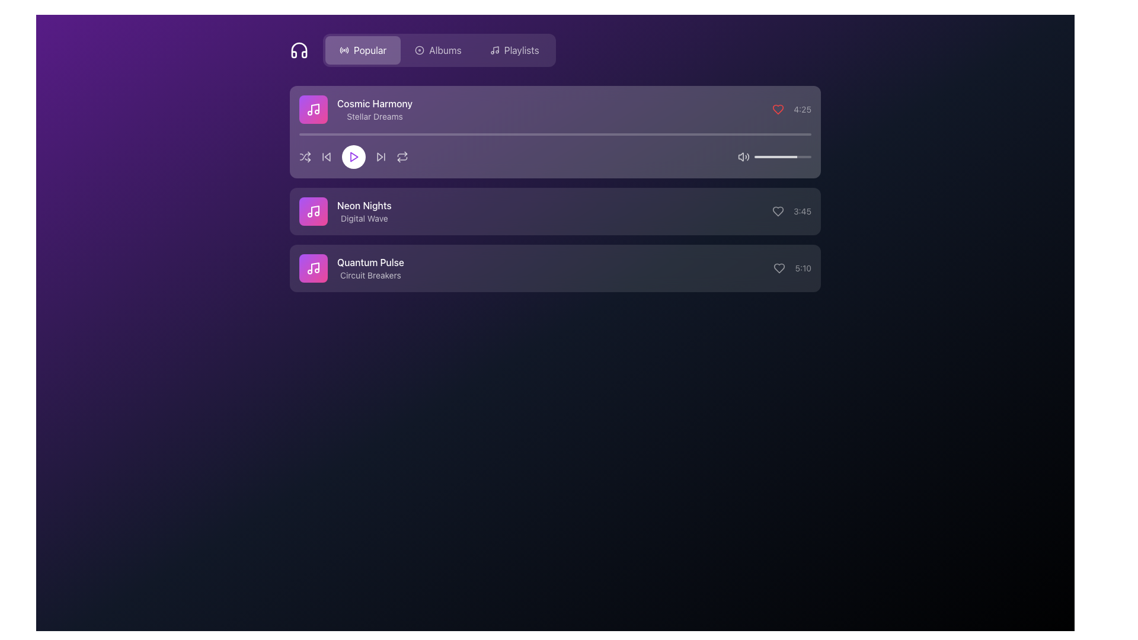  I want to click on the slider, so click(778, 156).